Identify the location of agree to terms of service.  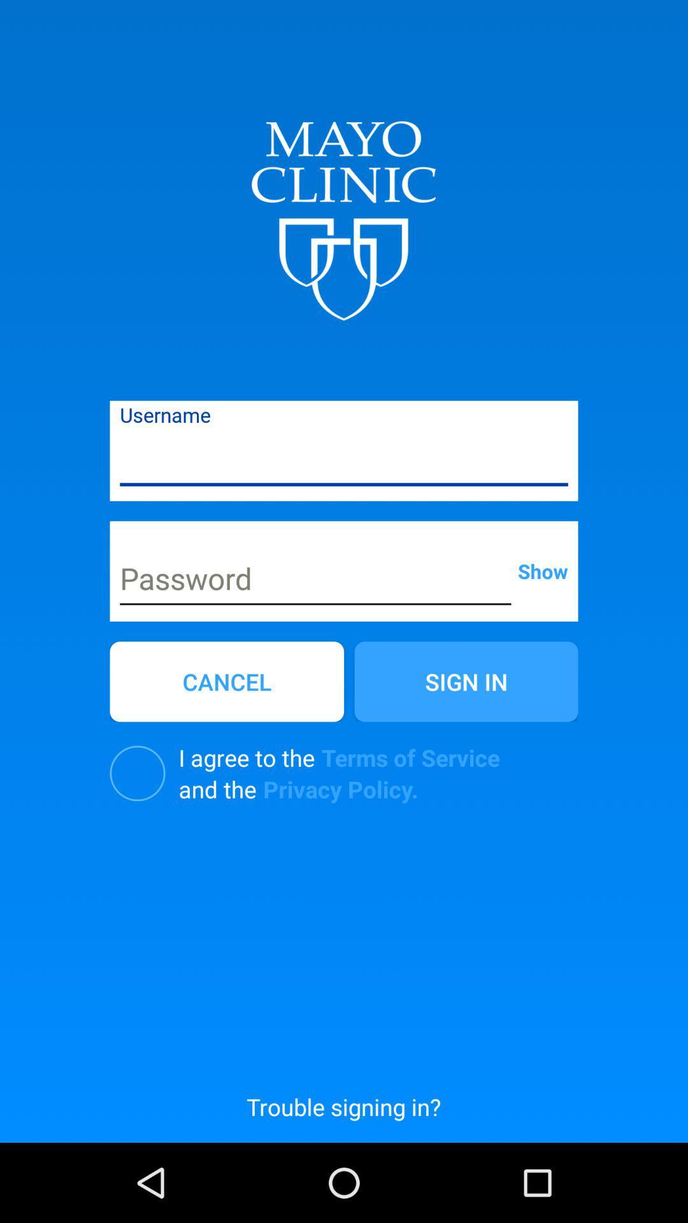
(138, 773).